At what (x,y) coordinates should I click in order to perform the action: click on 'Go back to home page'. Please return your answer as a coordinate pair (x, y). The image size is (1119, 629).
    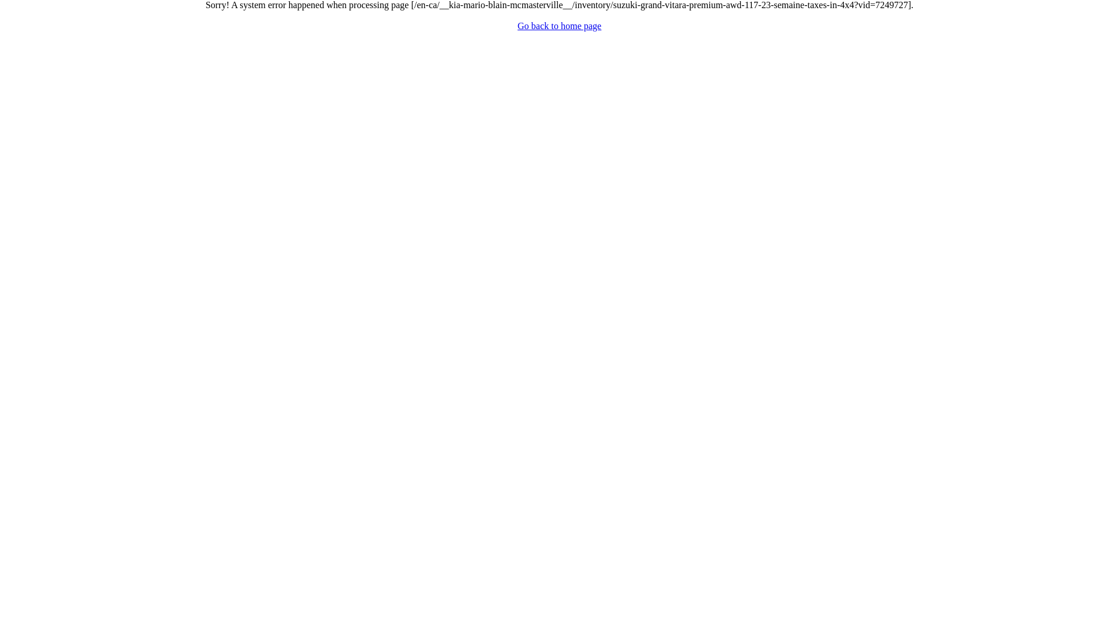
    Looking at the image, I should click on (517, 26).